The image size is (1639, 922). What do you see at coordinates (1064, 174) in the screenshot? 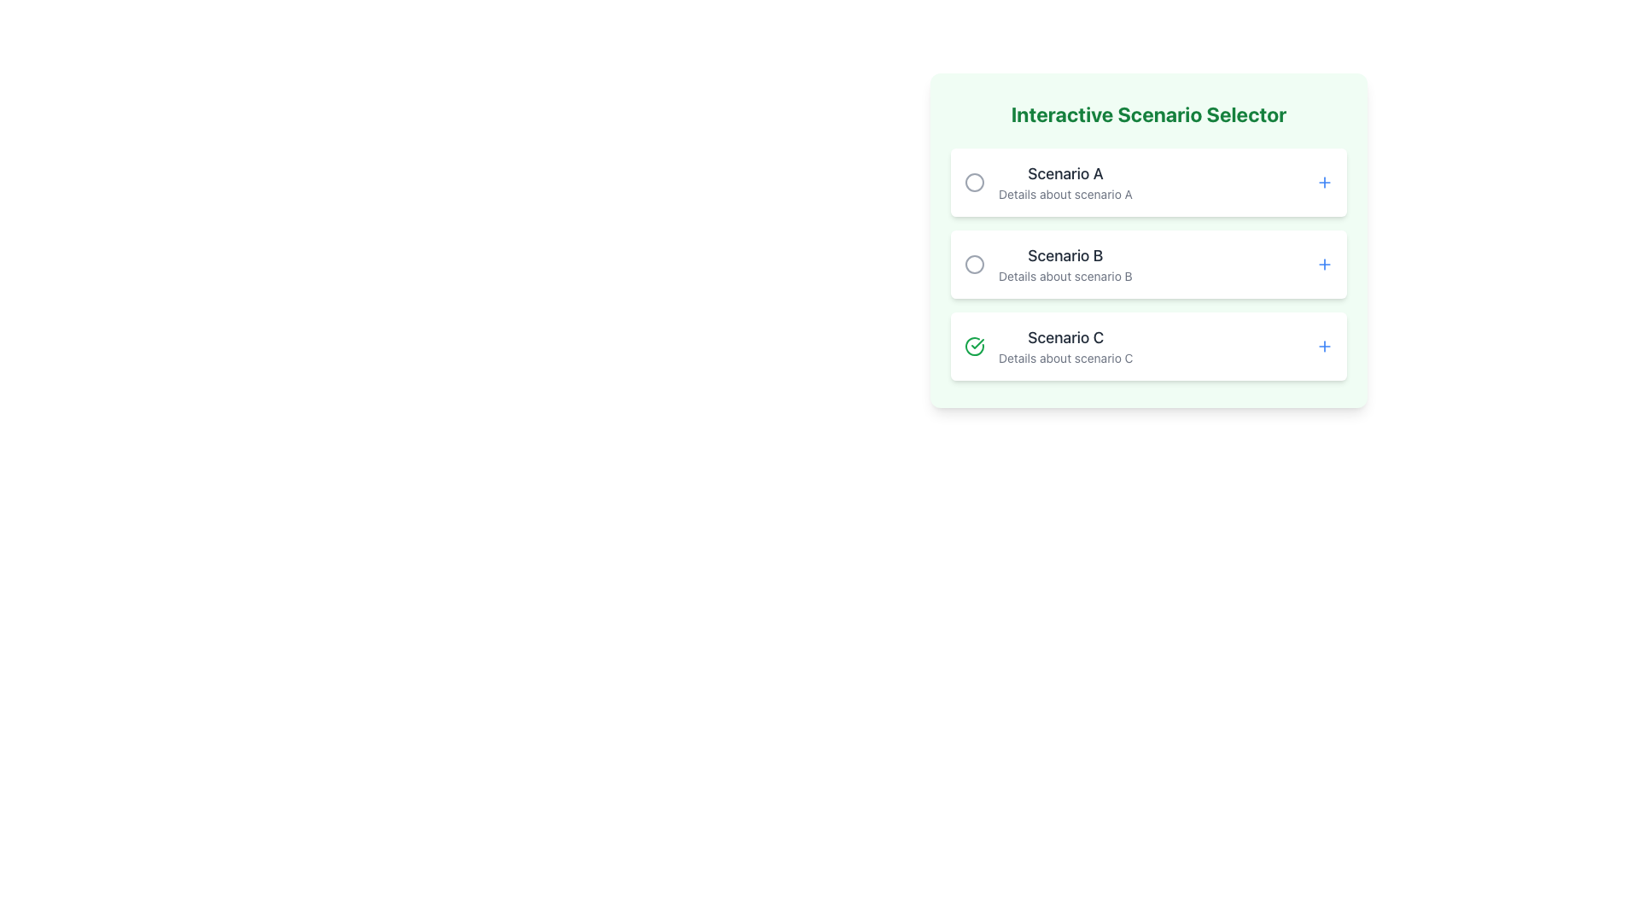
I see `the text label displaying 'Scenario A' for accessibility purposes` at bounding box center [1064, 174].